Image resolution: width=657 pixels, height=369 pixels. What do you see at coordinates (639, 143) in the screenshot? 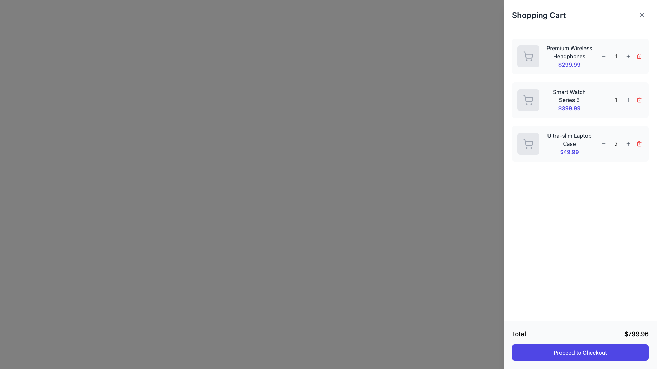
I see `the trash icon button located to the far-right of the last item entry in the shopping cart` at bounding box center [639, 143].